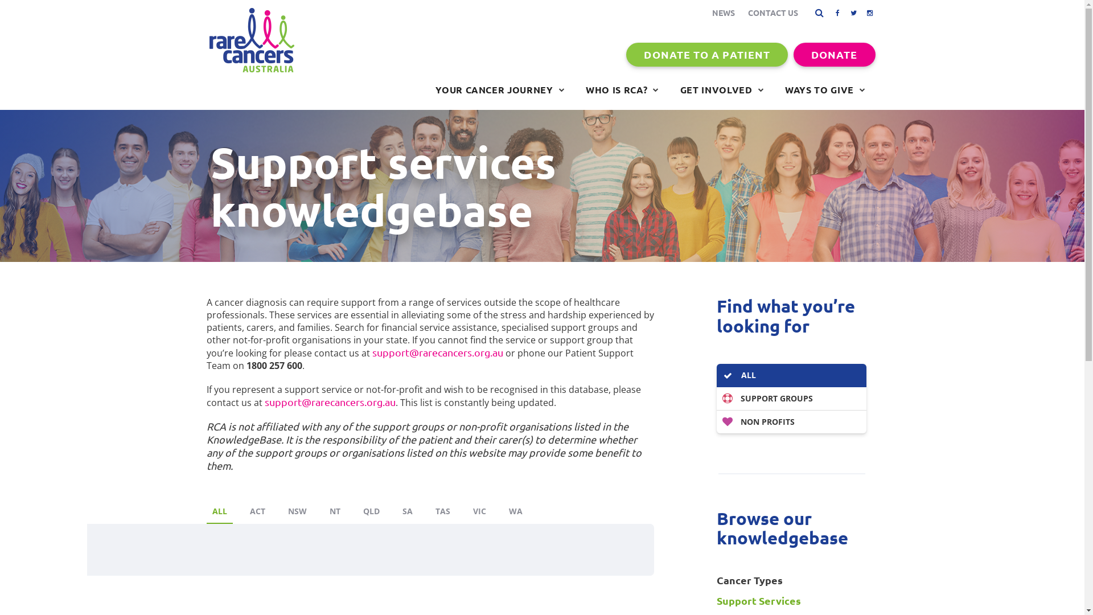 This screenshot has height=615, width=1093. What do you see at coordinates (297, 511) in the screenshot?
I see `'NSW'` at bounding box center [297, 511].